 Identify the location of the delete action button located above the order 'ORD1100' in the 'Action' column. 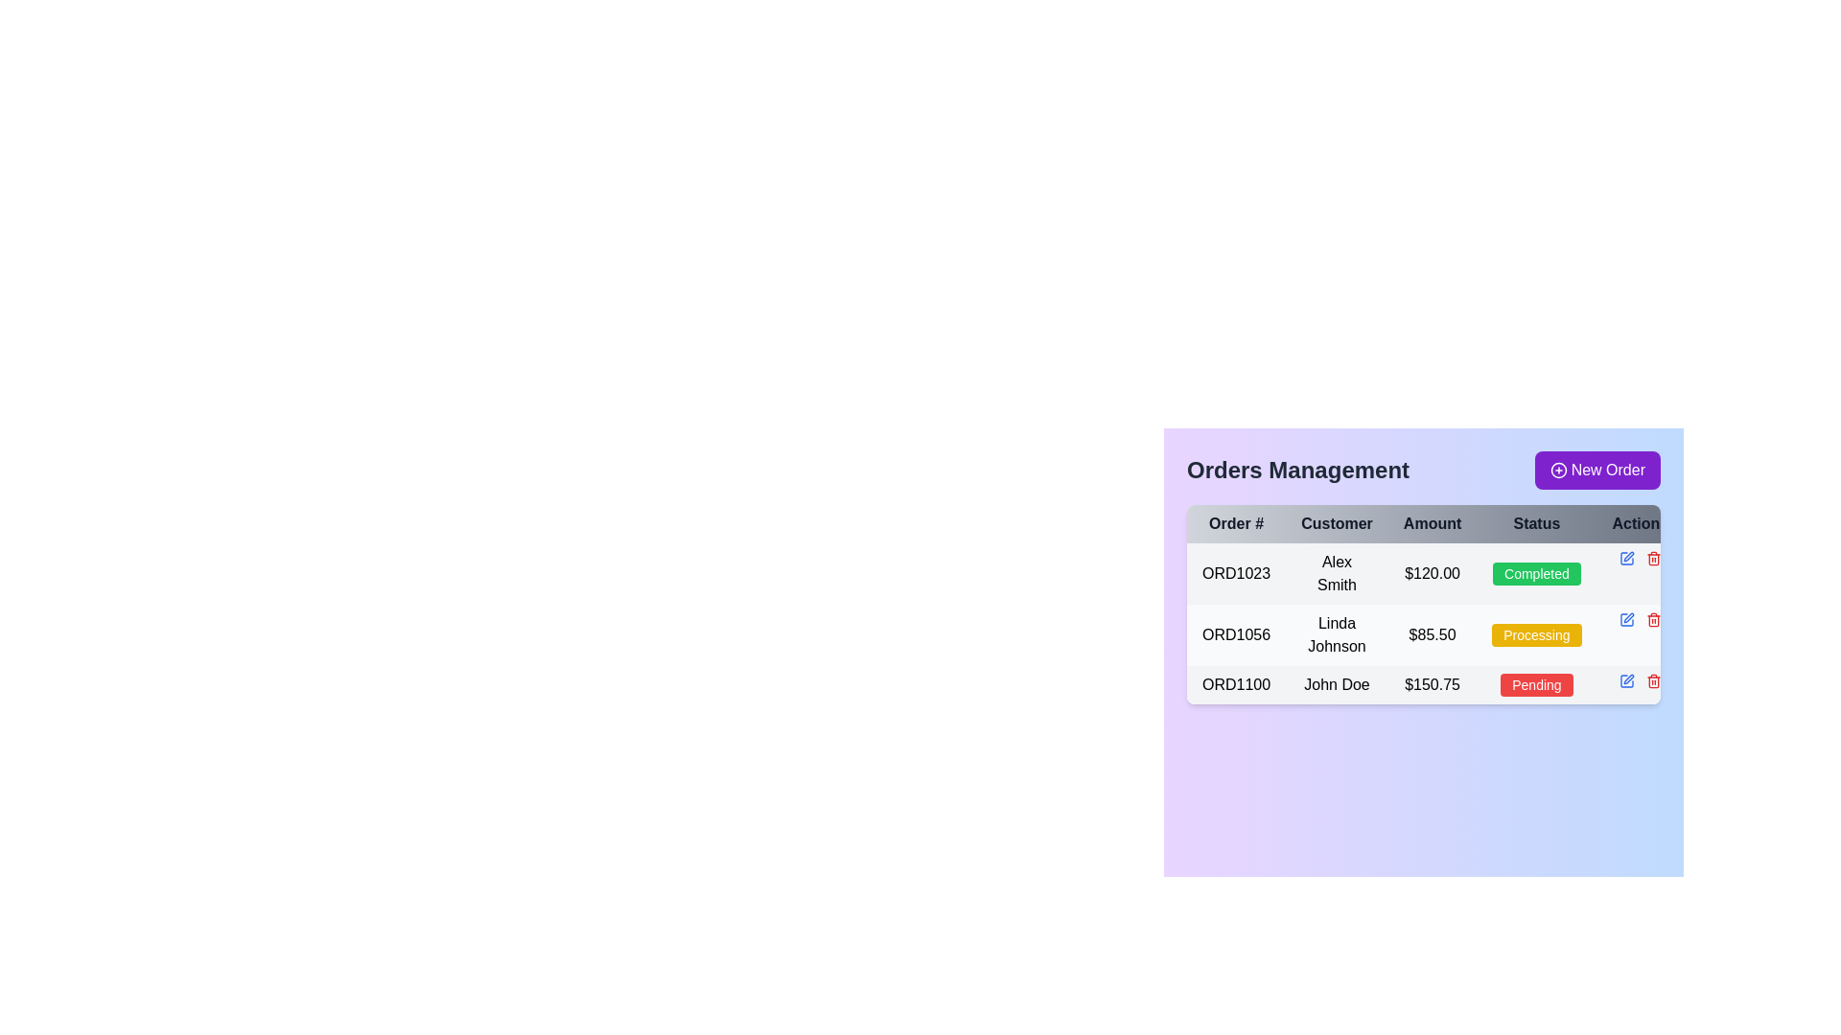
(1652, 558).